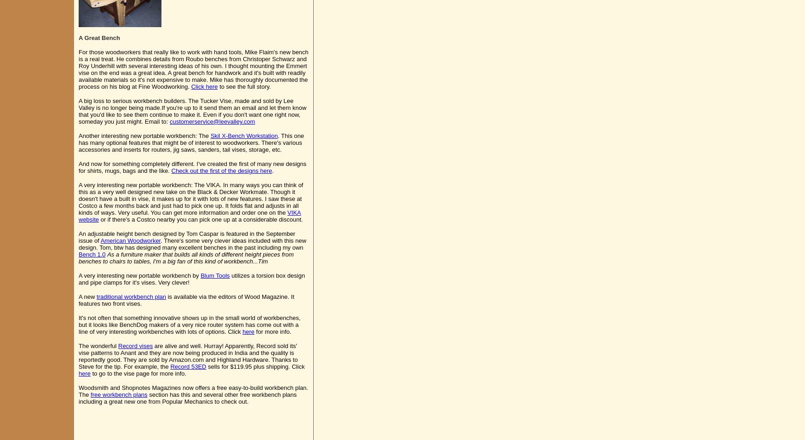  Describe the element at coordinates (193, 390) in the screenshot. I see `'Woodsmith and Shopnotes Magazines now offers a free 
                    easy-to-build workbench plan. The'` at that location.